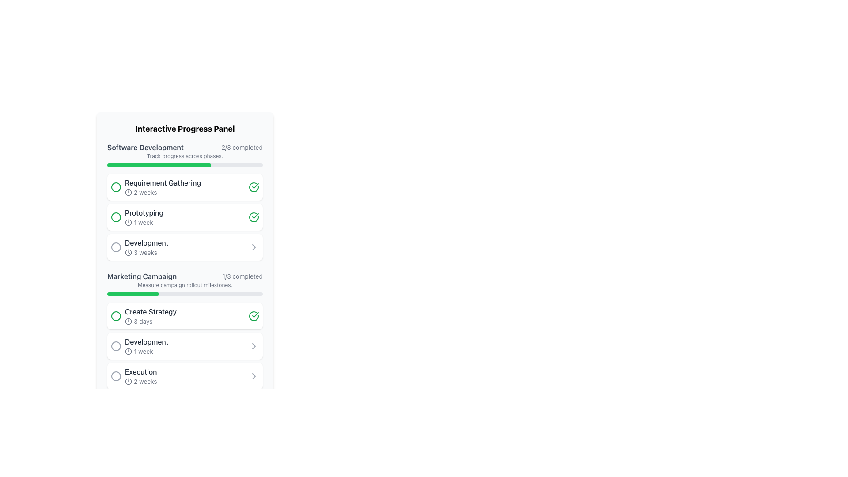 This screenshot has height=477, width=848. What do you see at coordinates (242, 276) in the screenshot?
I see `completion status of the label indicating the completion of 1 out of 3 steps for the marketing campaign, positioned in the right segment of the row labeled 'Marketing Campaign'` at bounding box center [242, 276].